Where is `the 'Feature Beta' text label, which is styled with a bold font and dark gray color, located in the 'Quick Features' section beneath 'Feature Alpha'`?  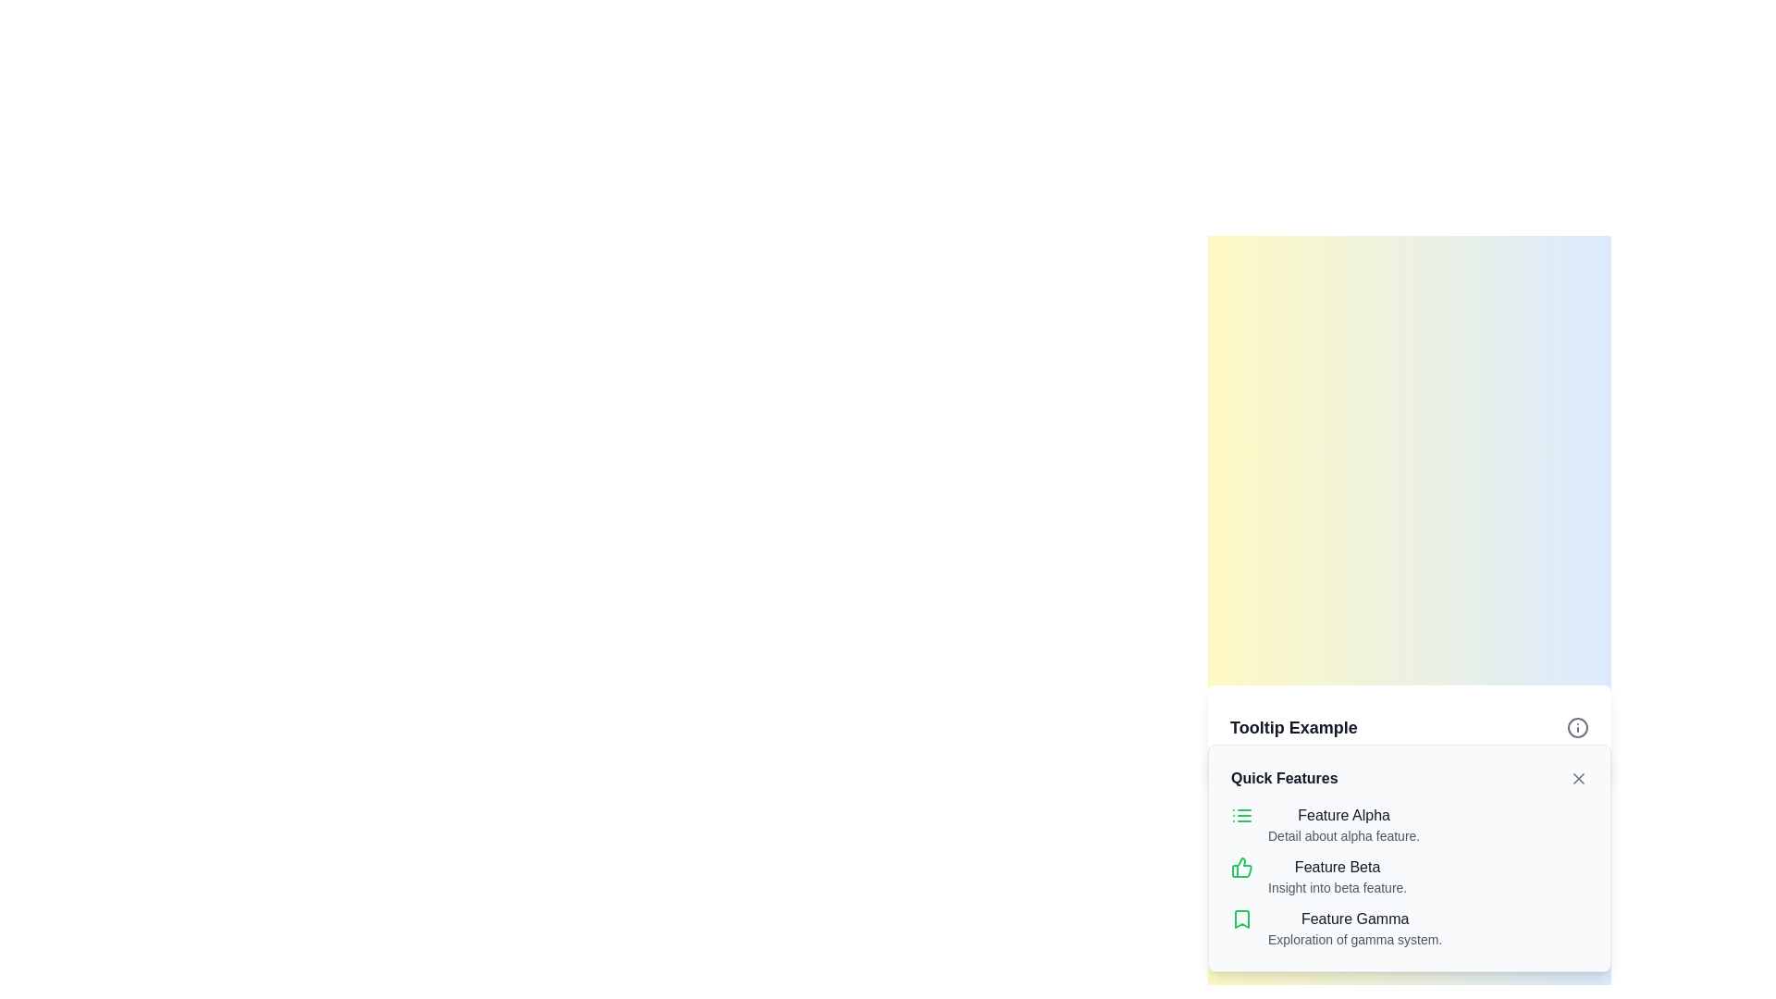
the 'Feature Beta' text label, which is styled with a bold font and dark gray color, located in the 'Quick Features' section beneath 'Feature Alpha' is located at coordinates (1338, 867).